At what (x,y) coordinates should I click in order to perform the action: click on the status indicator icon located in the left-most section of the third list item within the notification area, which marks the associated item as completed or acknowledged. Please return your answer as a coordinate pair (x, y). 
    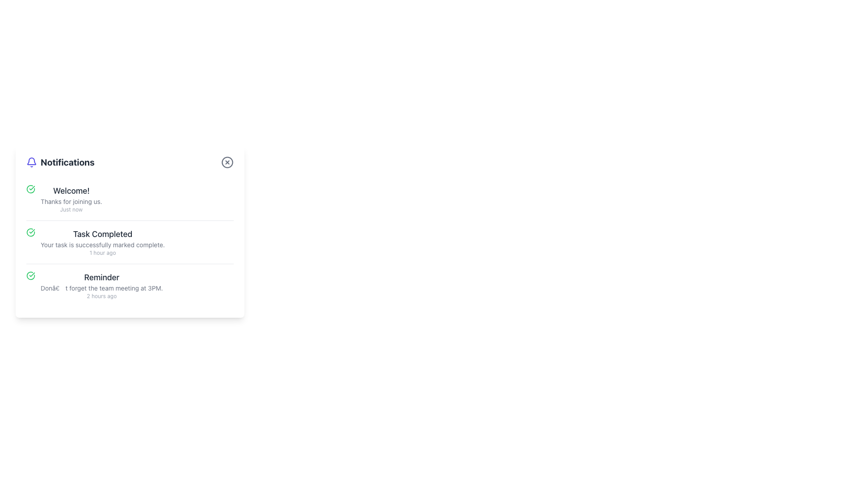
    Looking at the image, I should click on (30, 275).